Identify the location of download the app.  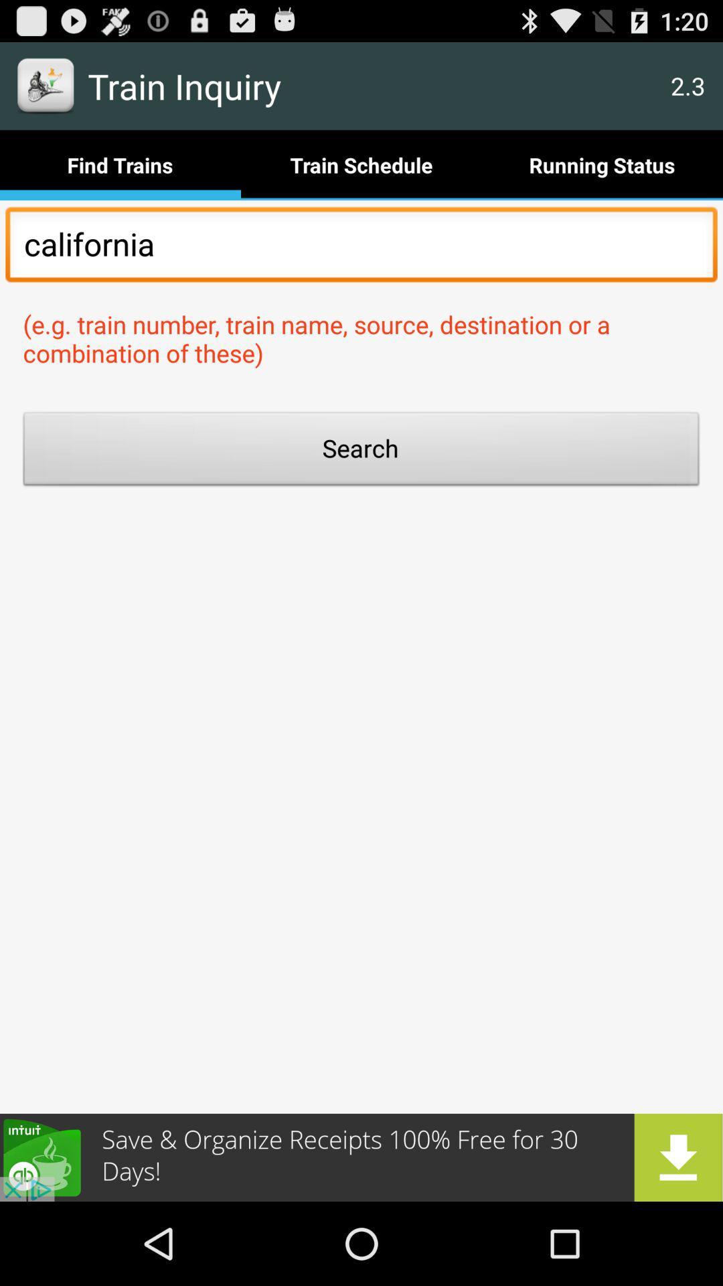
(361, 1157).